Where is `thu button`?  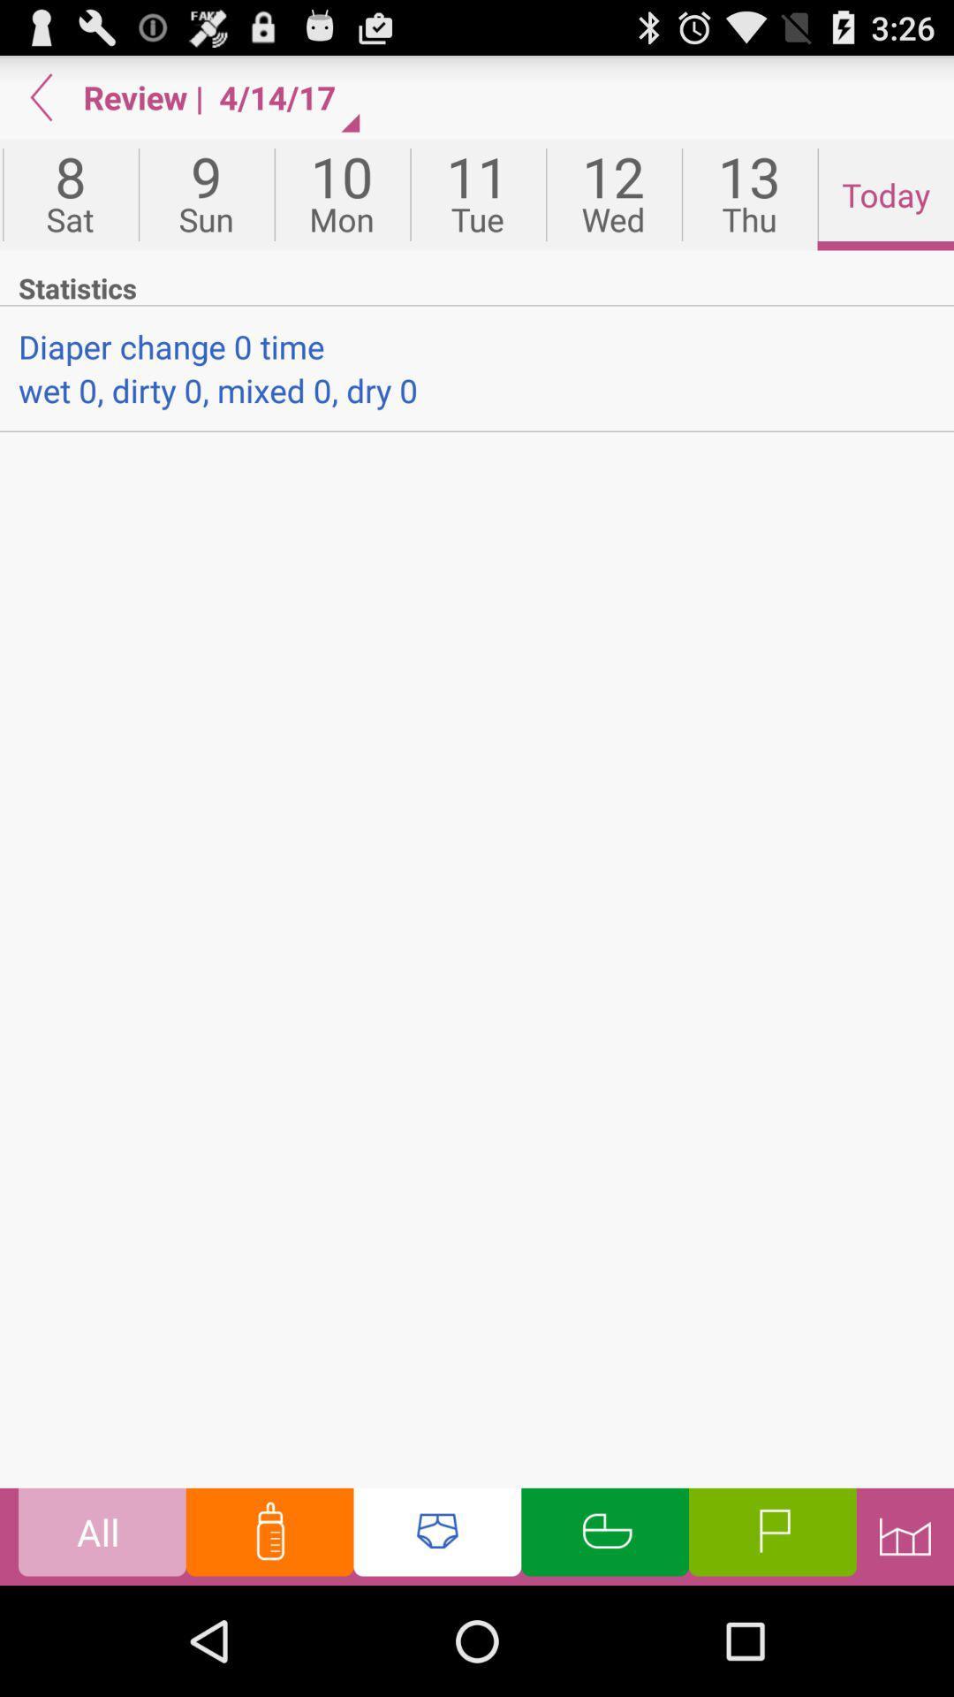 thu button is located at coordinates (749, 194).